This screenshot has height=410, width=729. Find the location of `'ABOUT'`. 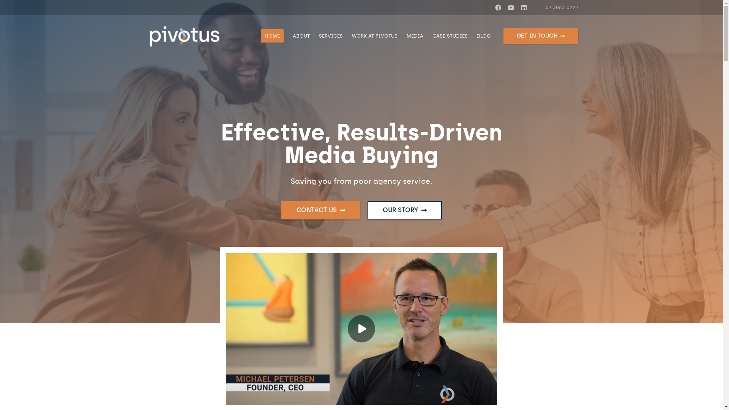

'ABOUT' is located at coordinates (287, 36).